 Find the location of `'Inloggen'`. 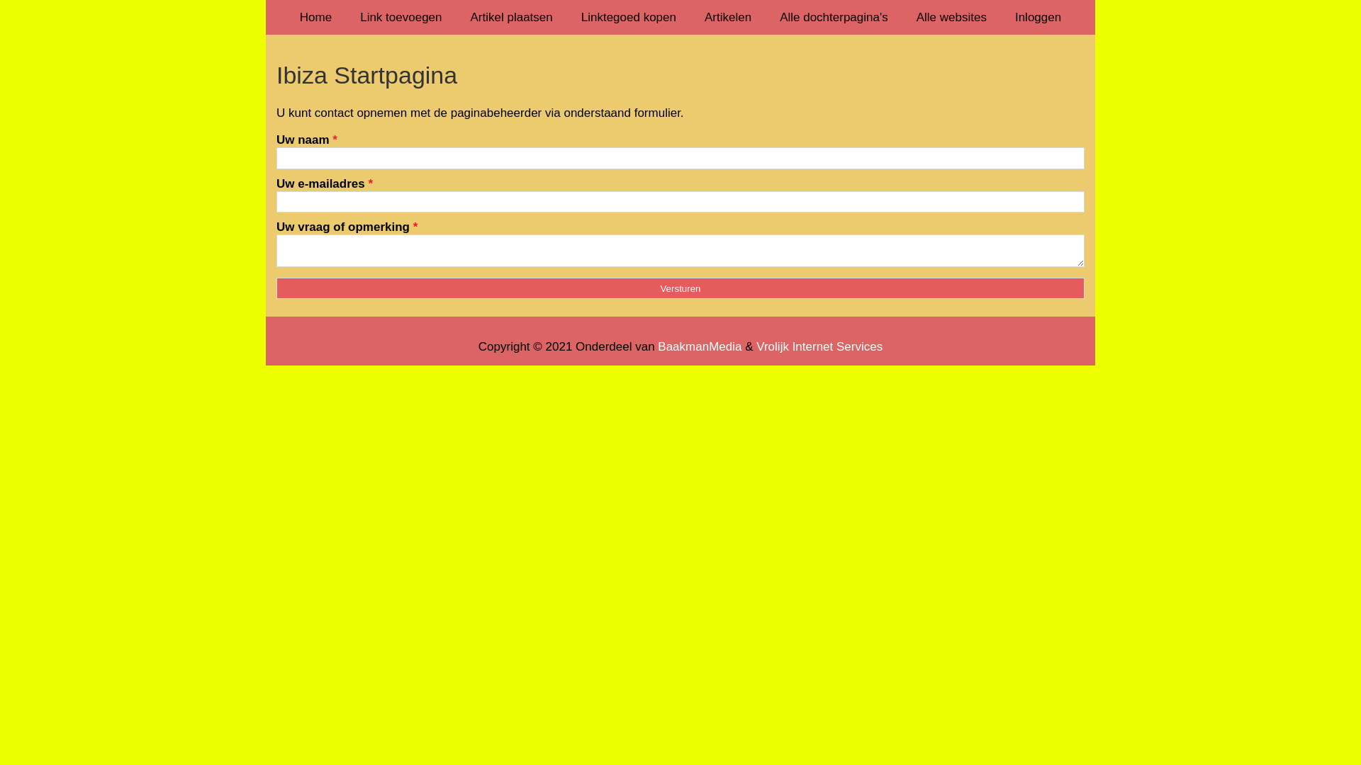

'Inloggen' is located at coordinates (1038, 17).